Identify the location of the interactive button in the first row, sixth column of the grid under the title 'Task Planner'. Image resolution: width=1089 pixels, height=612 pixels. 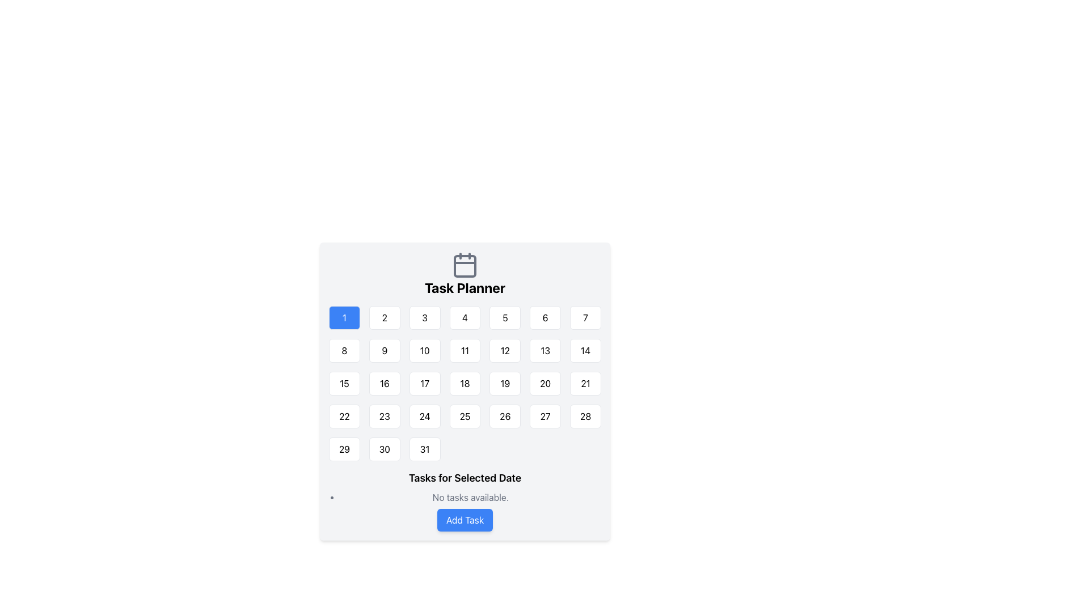
(545, 317).